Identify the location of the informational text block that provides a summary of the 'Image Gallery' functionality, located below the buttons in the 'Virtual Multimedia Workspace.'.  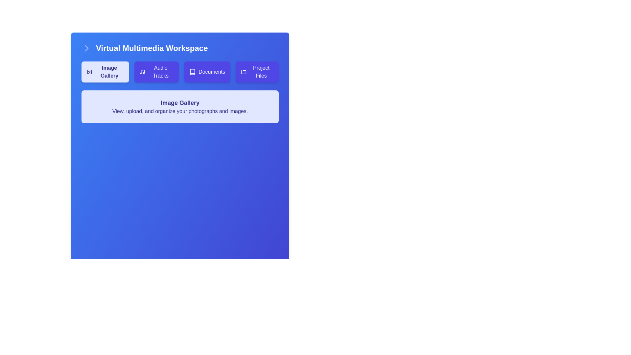
(180, 106).